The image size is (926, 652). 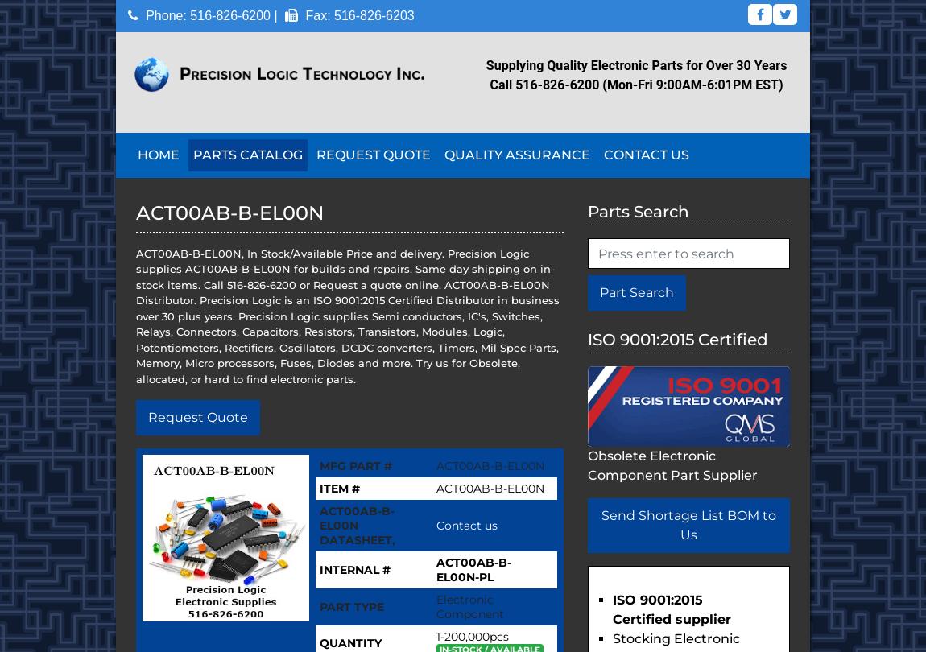 What do you see at coordinates (436, 635) in the screenshot?
I see `'1-200,000pcs'` at bounding box center [436, 635].